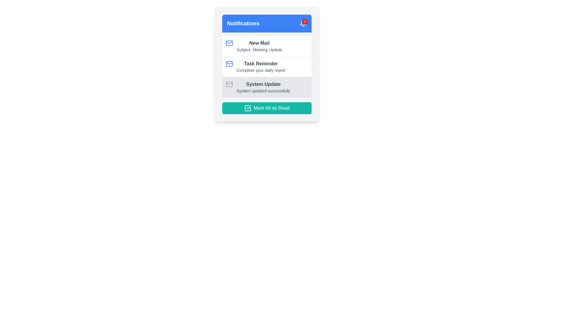  Describe the element at coordinates (229, 43) in the screenshot. I see `the mail envelope icon with a blue outline representing an email notification, located at the top-left corner of the first notification item in the 'New Mail' list` at that location.